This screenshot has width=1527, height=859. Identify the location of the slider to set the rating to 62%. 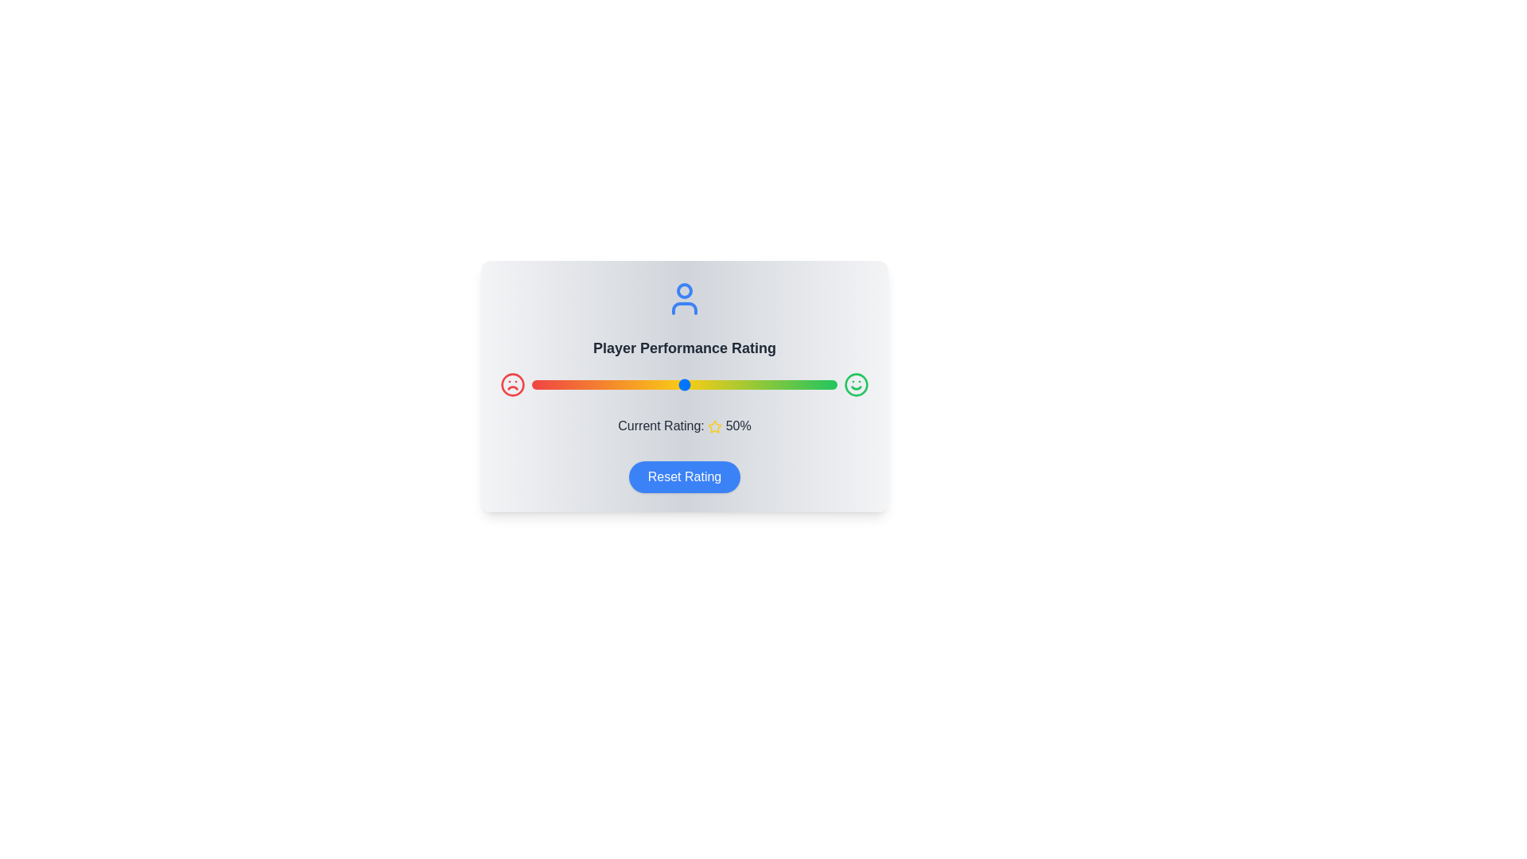
(721, 384).